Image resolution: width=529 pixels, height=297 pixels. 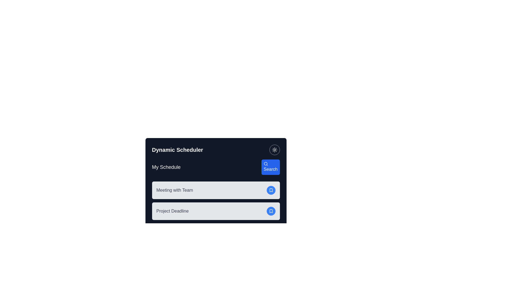 What do you see at coordinates (271, 211) in the screenshot?
I see `the bookmark icon within the 'Meeting with Team' list item` at bounding box center [271, 211].